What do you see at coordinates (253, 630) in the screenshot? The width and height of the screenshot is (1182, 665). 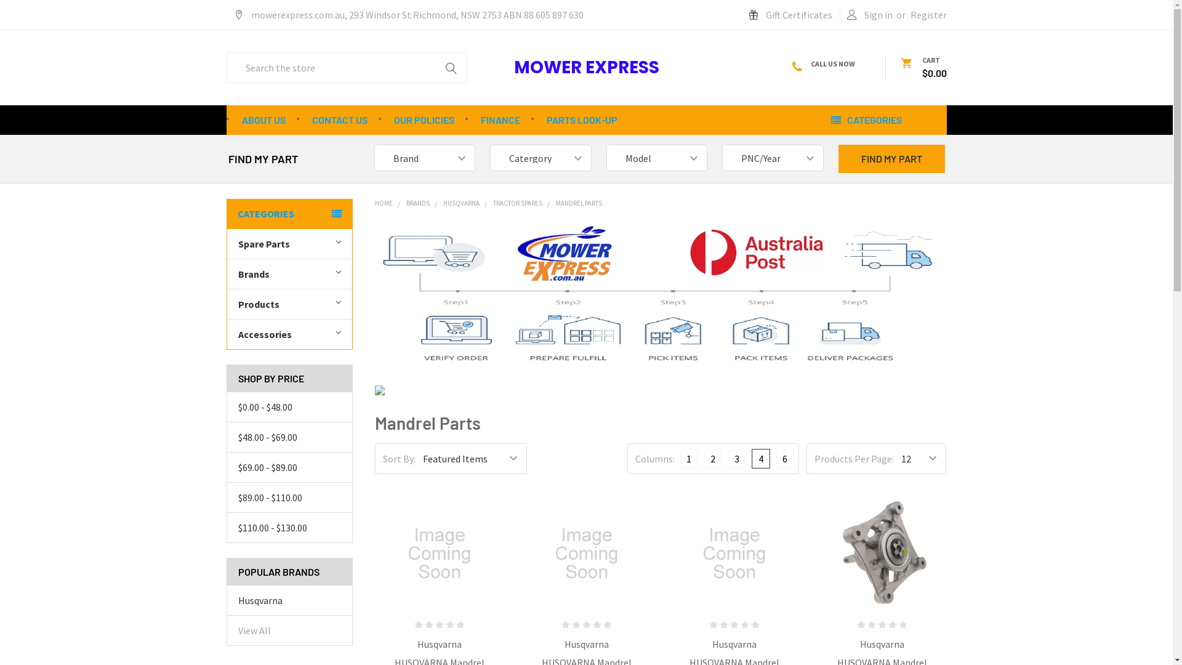 I see `'View All'` at bounding box center [253, 630].